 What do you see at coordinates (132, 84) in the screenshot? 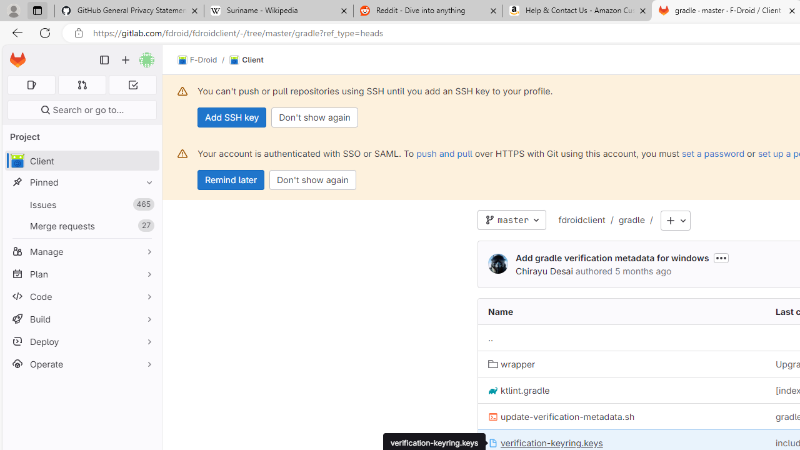
I see `'To-Do list 0'` at bounding box center [132, 84].